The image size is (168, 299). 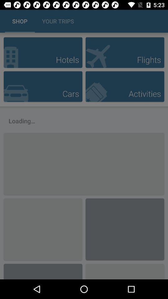 I want to click on shop hotels, so click(x=43, y=52).